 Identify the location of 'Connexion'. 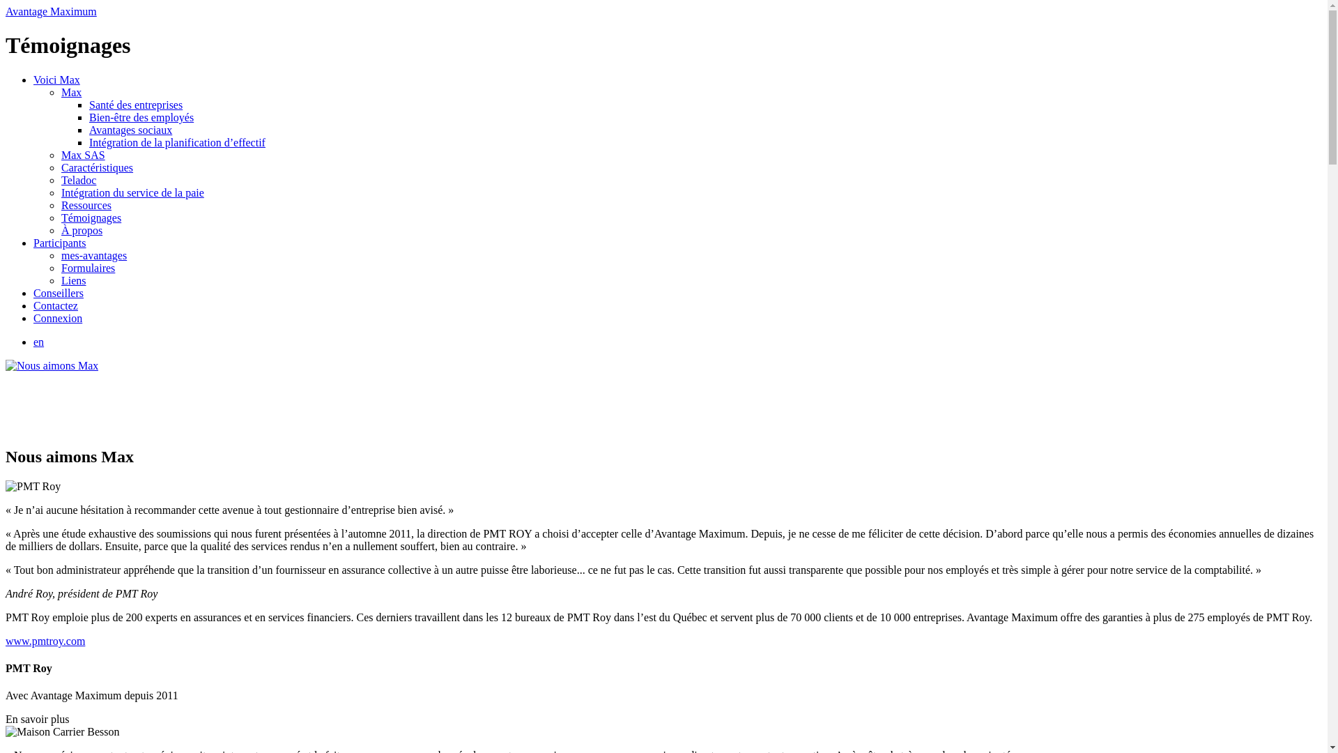
(56, 318).